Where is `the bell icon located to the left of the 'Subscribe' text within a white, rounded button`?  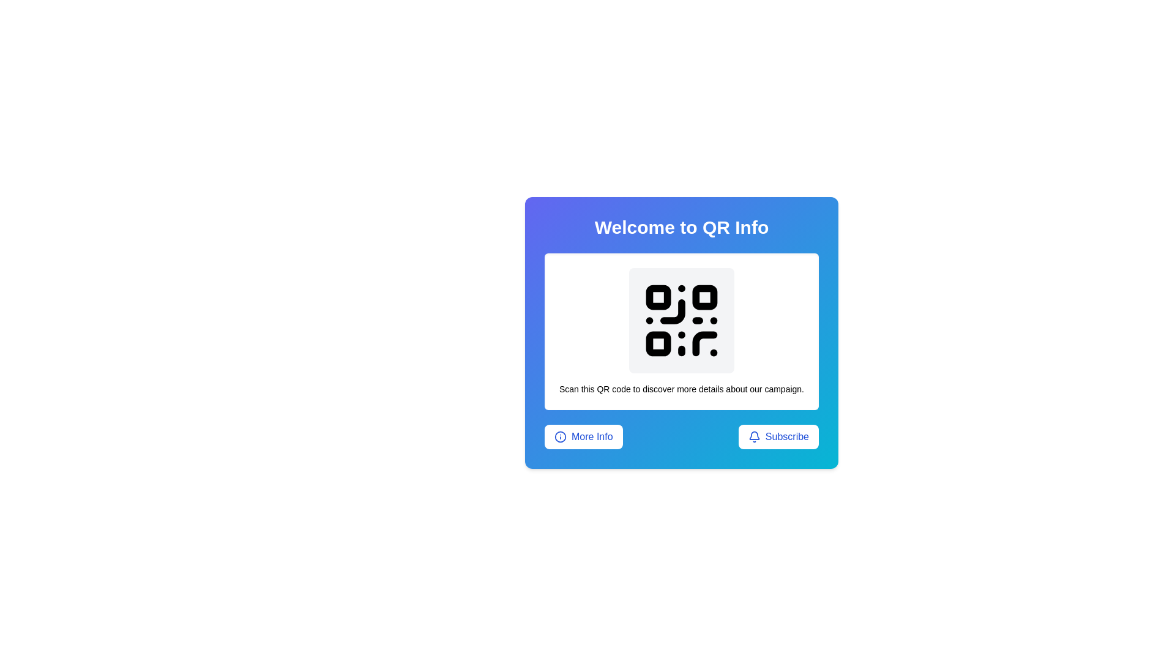 the bell icon located to the left of the 'Subscribe' text within a white, rounded button is located at coordinates (753, 436).